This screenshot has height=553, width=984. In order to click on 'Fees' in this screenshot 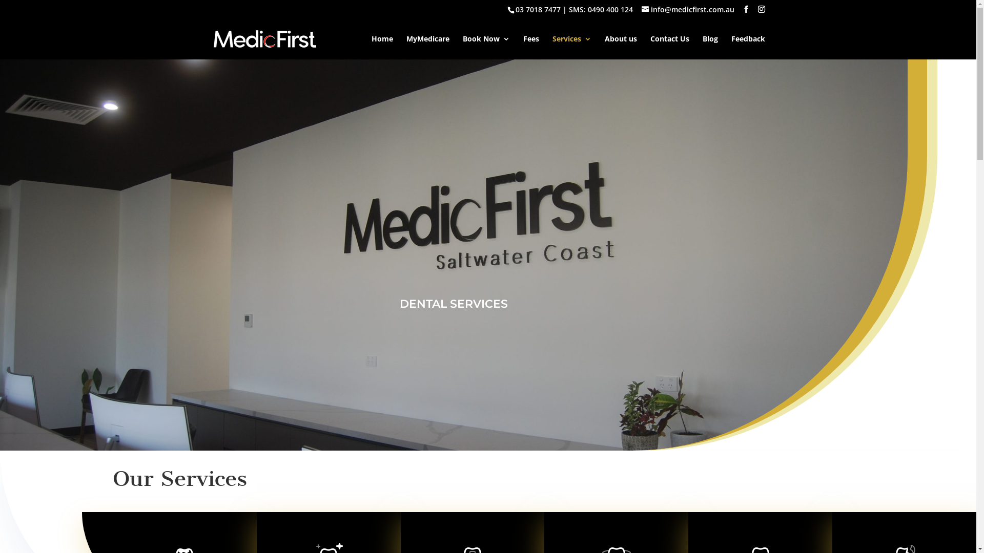, I will do `click(530, 47)`.